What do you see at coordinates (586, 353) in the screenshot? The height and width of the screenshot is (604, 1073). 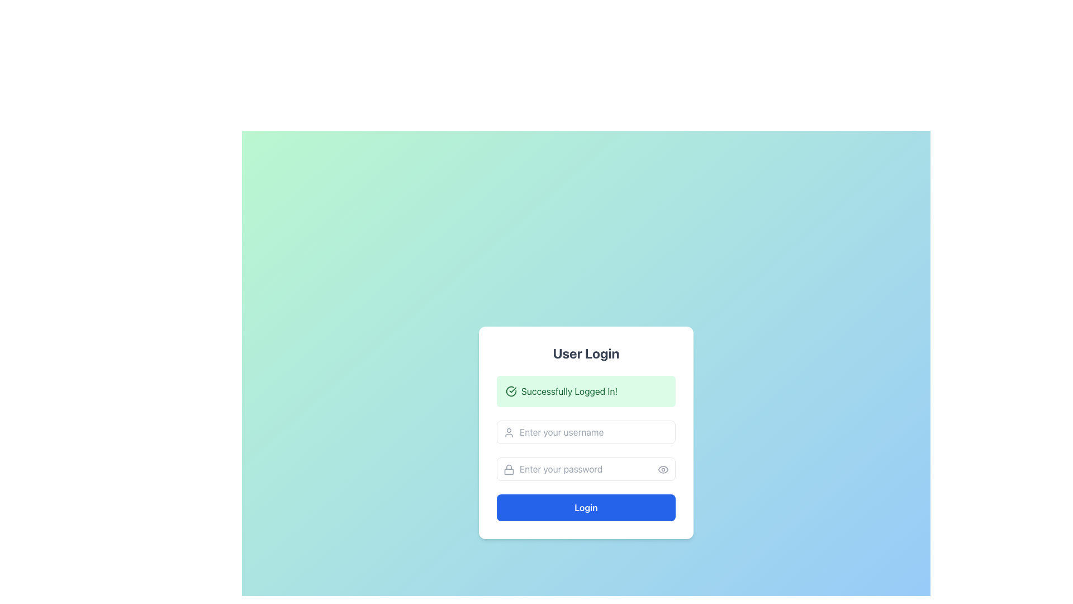 I see `the centered header text 'User Login', which is styled in large, bold gray font on a white background, located at the top of the login panel` at bounding box center [586, 353].